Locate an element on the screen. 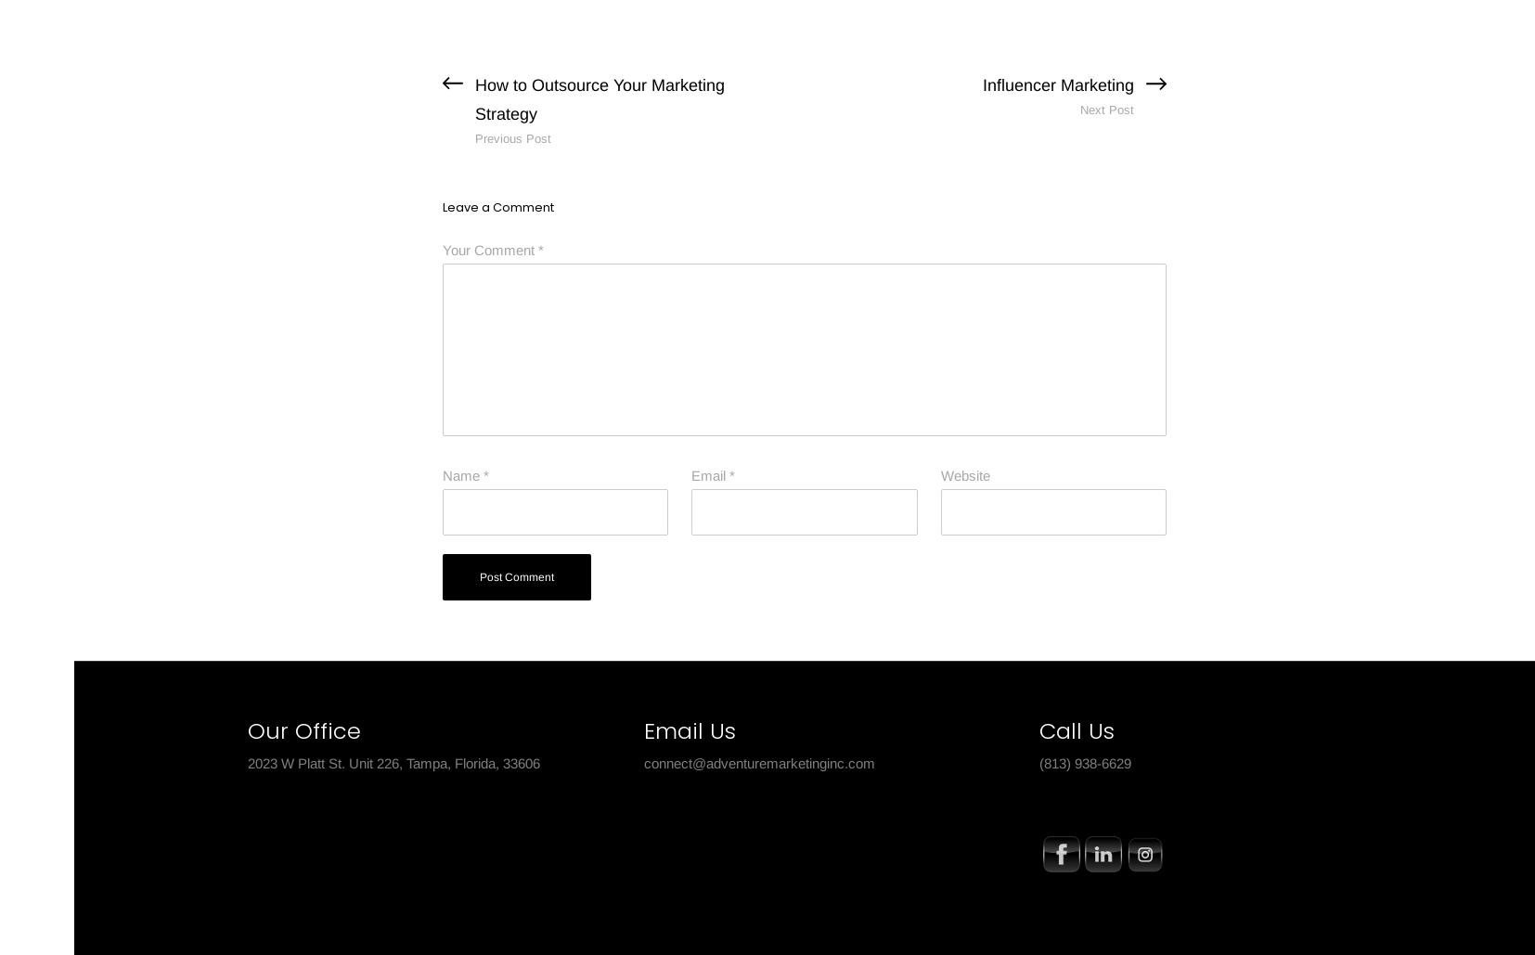 The height and width of the screenshot is (955, 1535). 'Leave a Comment' is located at coordinates (443, 205).